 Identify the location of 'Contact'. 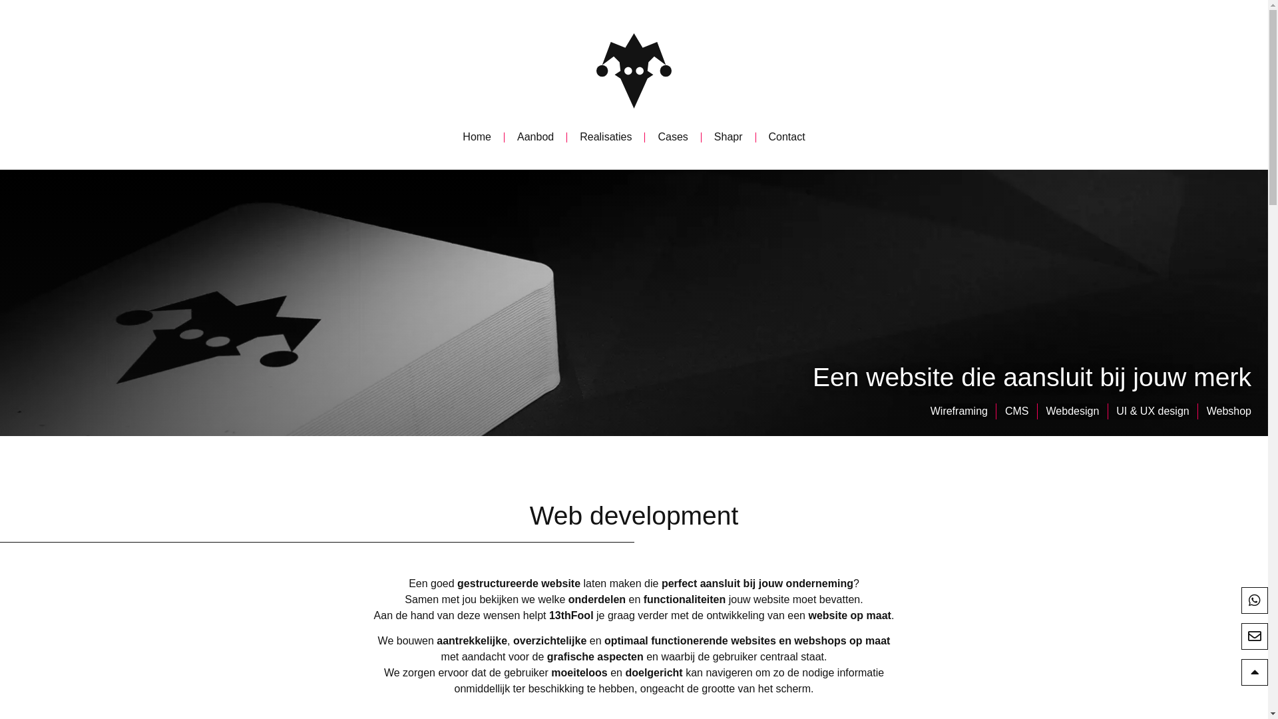
(787, 136).